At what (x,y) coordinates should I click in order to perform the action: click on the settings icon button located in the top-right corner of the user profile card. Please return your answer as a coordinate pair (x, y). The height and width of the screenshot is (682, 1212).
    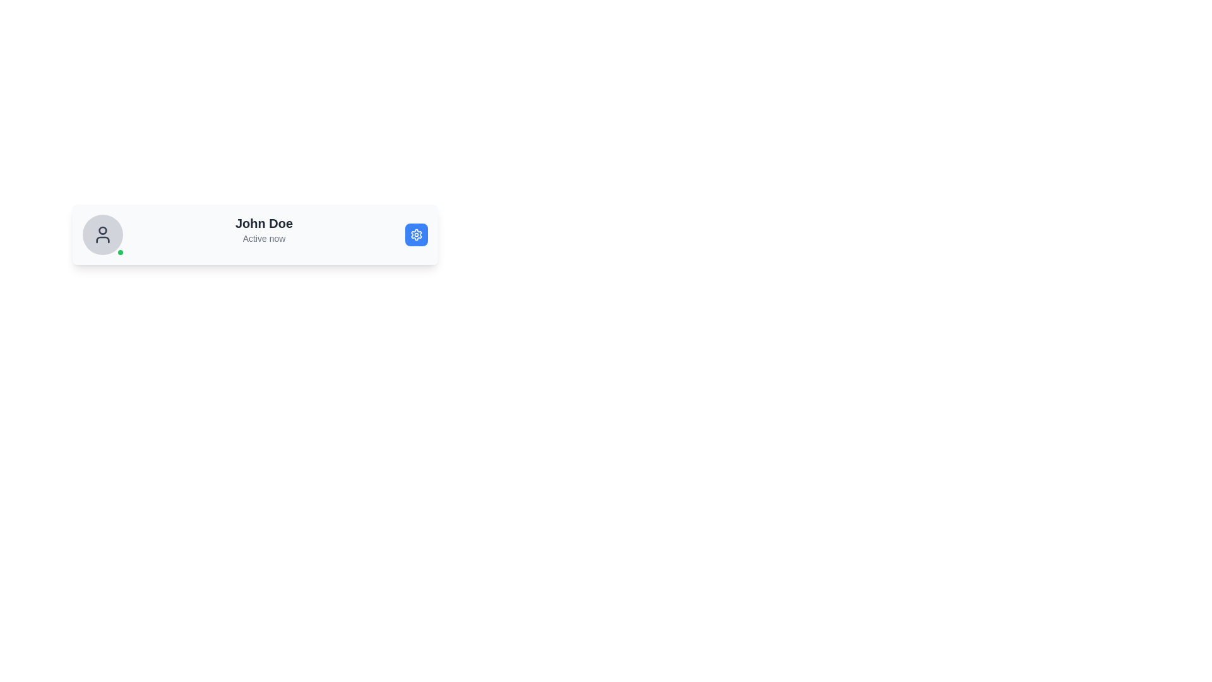
    Looking at the image, I should click on (417, 234).